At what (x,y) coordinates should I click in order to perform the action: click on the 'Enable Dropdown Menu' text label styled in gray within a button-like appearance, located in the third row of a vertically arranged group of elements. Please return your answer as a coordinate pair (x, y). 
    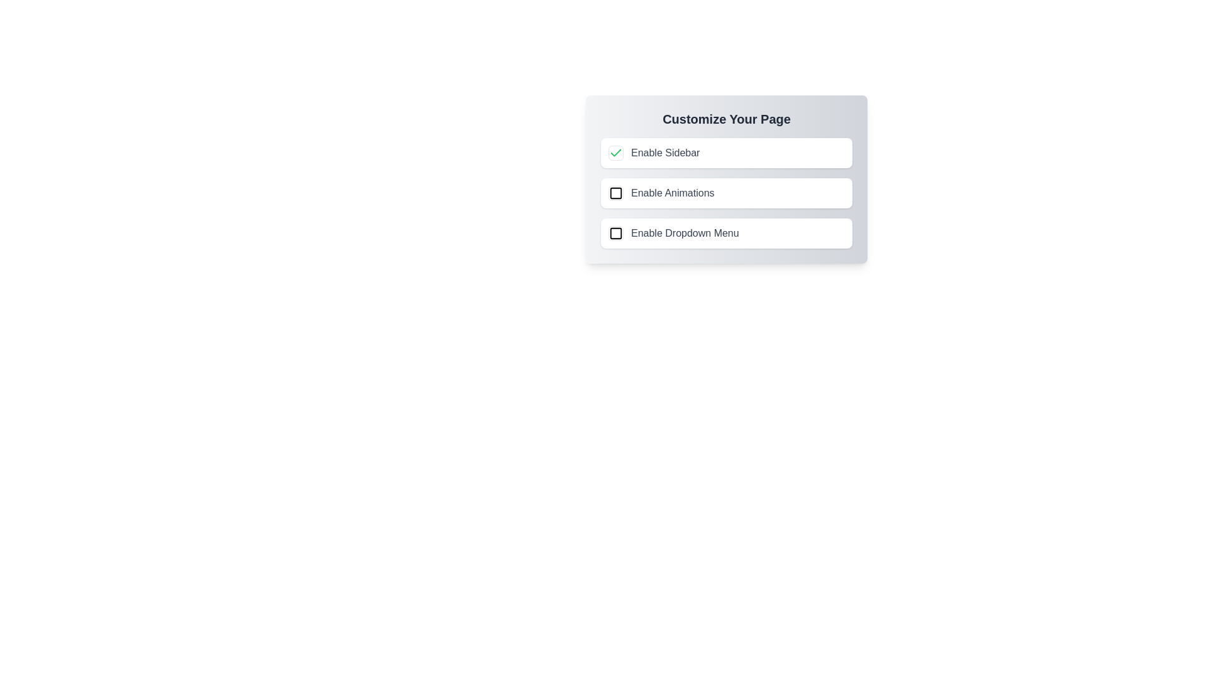
    Looking at the image, I should click on (684, 233).